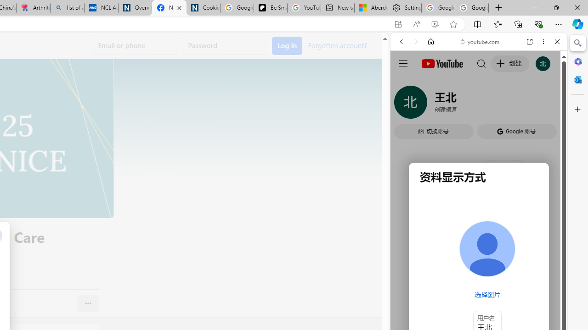  What do you see at coordinates (407, 132) in the screenshot?
I see `'Global web icon'` at bounding box center [407, 132].